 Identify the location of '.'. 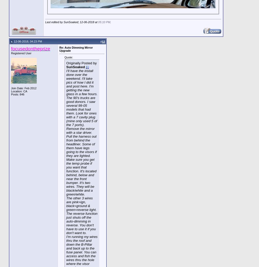
(110, 22).